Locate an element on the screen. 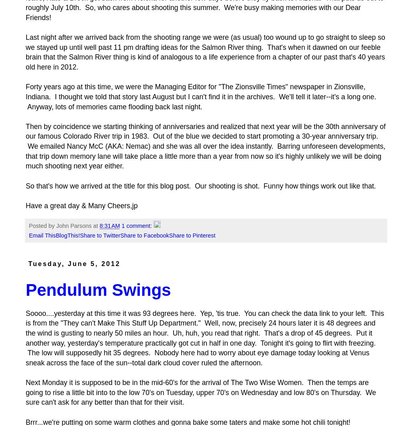 This screenshot has width=409, height=426. 'John Parsons' is located at coordinates (74, 226).